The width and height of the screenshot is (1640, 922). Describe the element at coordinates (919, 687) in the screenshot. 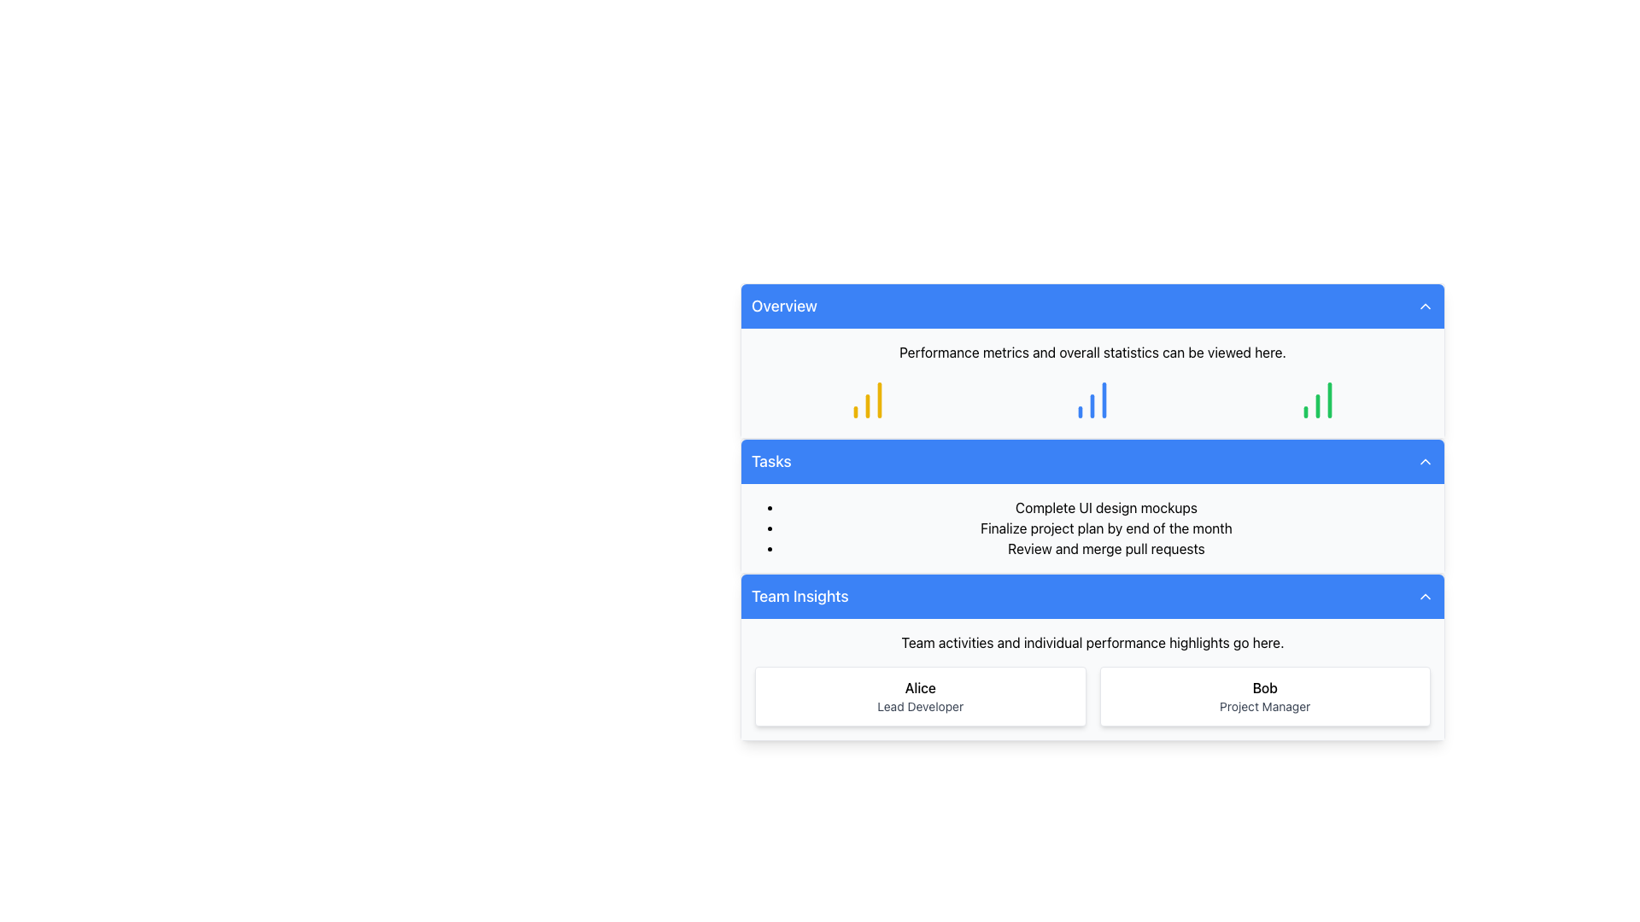

I see `the upper Text Label displaying the name of a user or team member in the 'Team Insights' section, which is located above the text 'Lead Developer'` at that location.